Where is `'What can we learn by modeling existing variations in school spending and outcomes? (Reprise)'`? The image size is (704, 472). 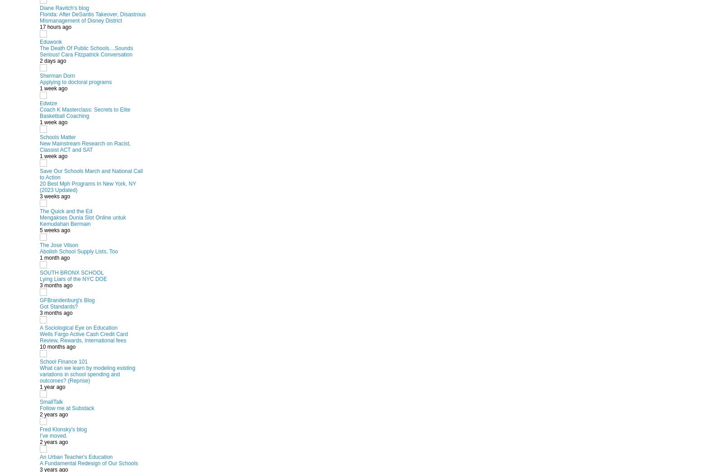 'What can we learn by modeling existing variations in school spending and outcomes? (Reprise)' is located at coordinates (87, 373).